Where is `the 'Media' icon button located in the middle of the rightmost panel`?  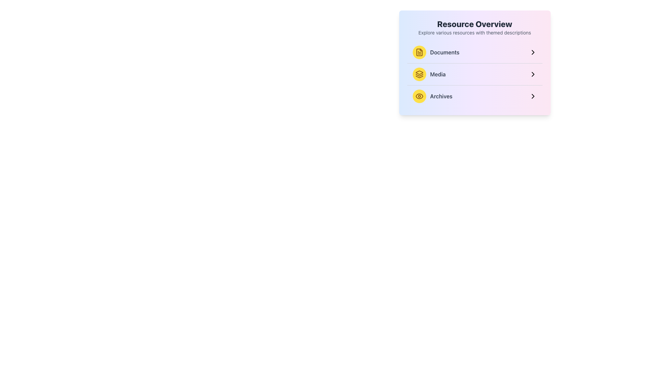
the 'Media' icon button located in the middle of the rightmost panel is located at coordinates (419, 74).